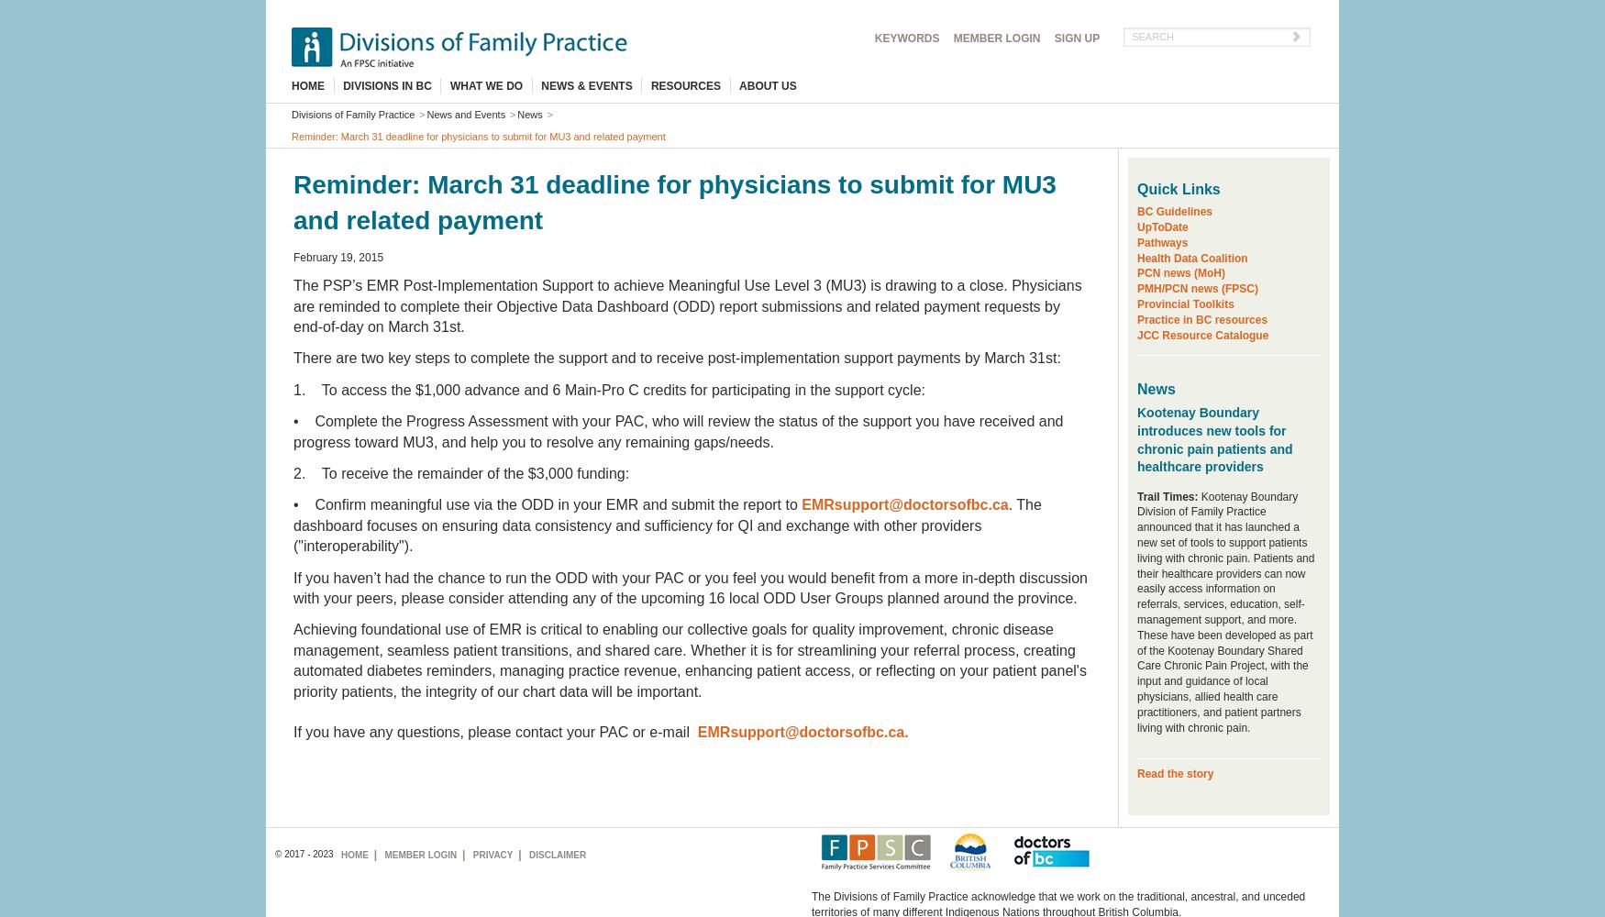 The image size is (1605, 917). Describe the element at coordinates (904, 504) in the screenshot. I see `'EMRsupport@doctorsofbc.ca'` at that location.